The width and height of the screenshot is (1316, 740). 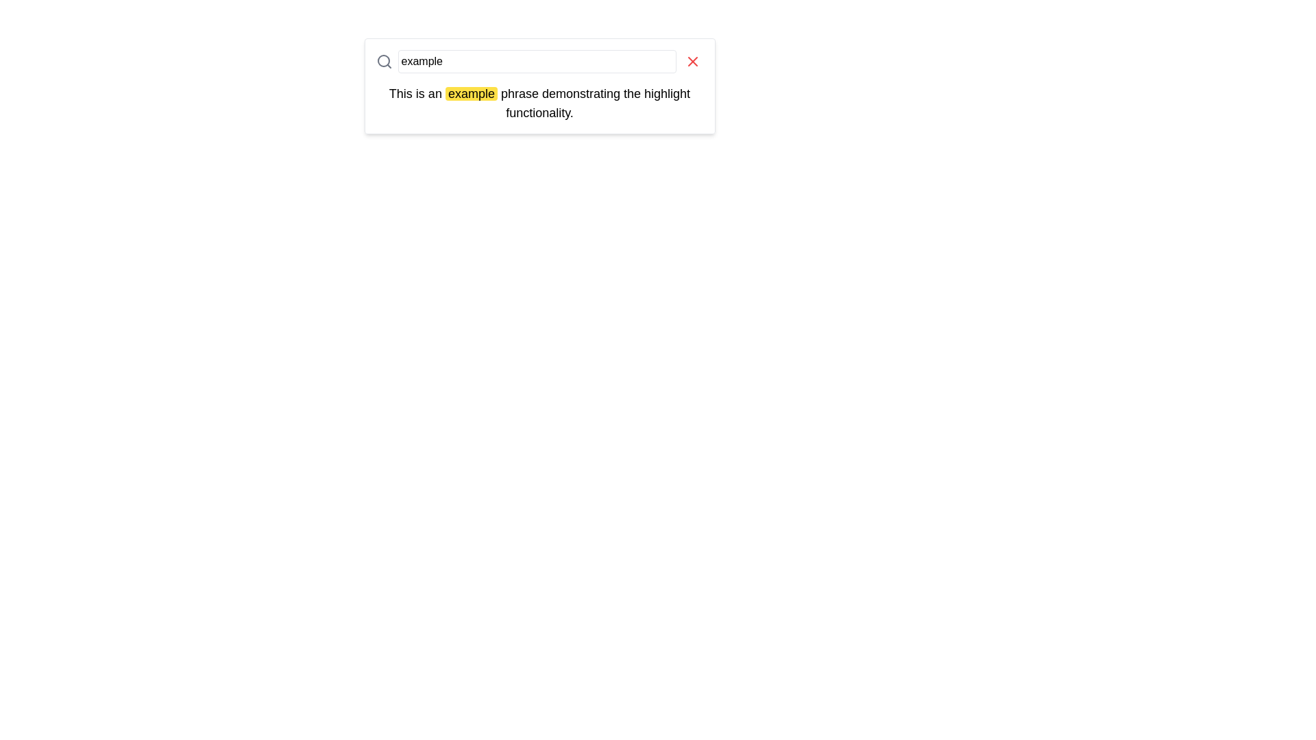 I want to click on the text element stating 'phrase demonstrating the highlight functionality,' which follows the highlighted word 'example' with a yellow background, so click(x=594, y=102).